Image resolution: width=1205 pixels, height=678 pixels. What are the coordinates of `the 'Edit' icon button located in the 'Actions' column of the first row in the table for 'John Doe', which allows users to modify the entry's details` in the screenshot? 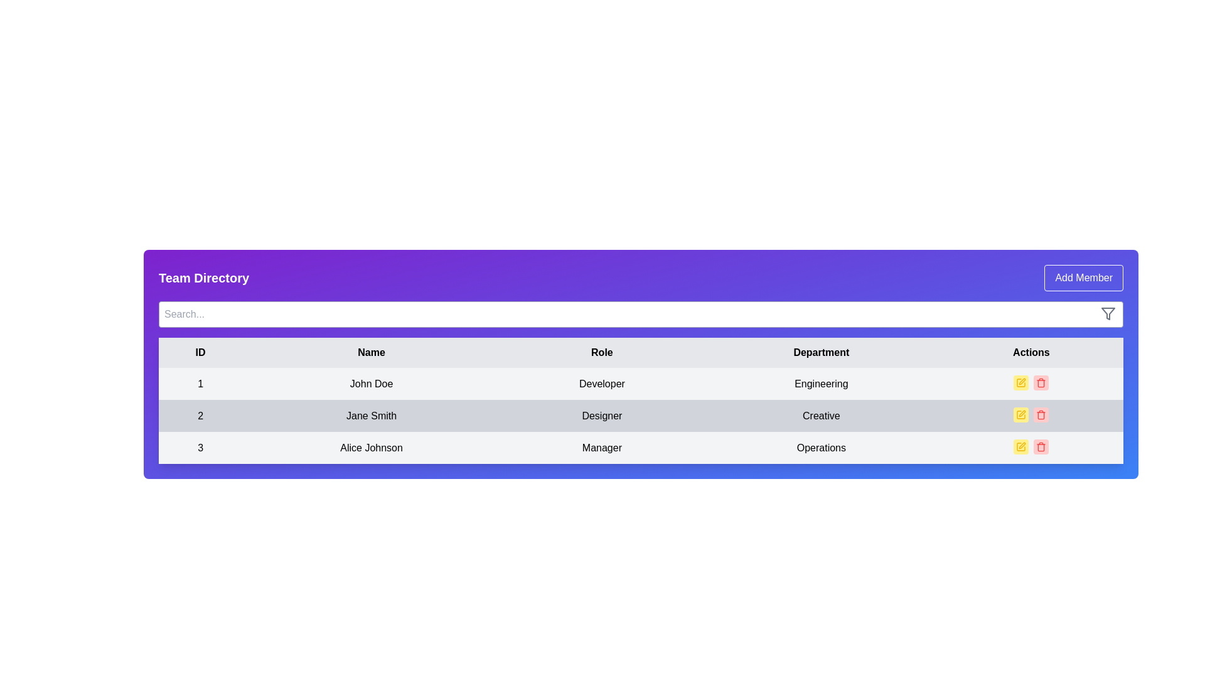 It's located at (1021, 382).